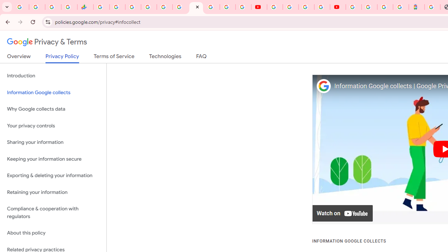 This screenshot has width=448, height=252. What do you see at coordinates (21, 7) in the screenshot?
I see `'Google Workspace Admin Community'` at bounding box center [21, 7].